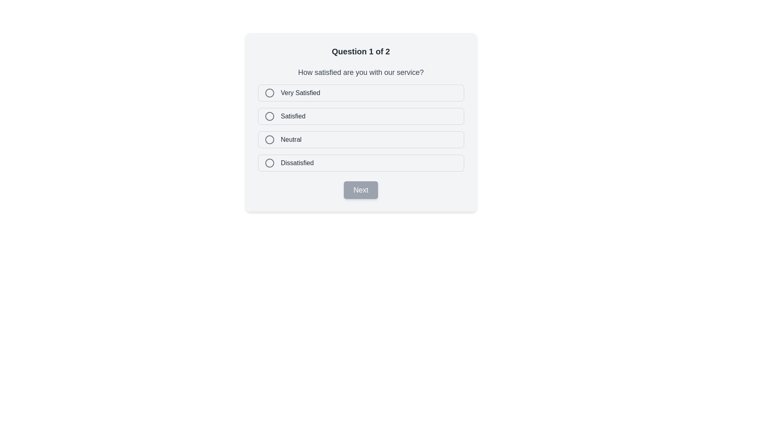 The width and height of the screenshot is (773, 435). I want to click on the 'Next' button, which has a blue background and white text, located beneath the radio button options, so click(360, 190).